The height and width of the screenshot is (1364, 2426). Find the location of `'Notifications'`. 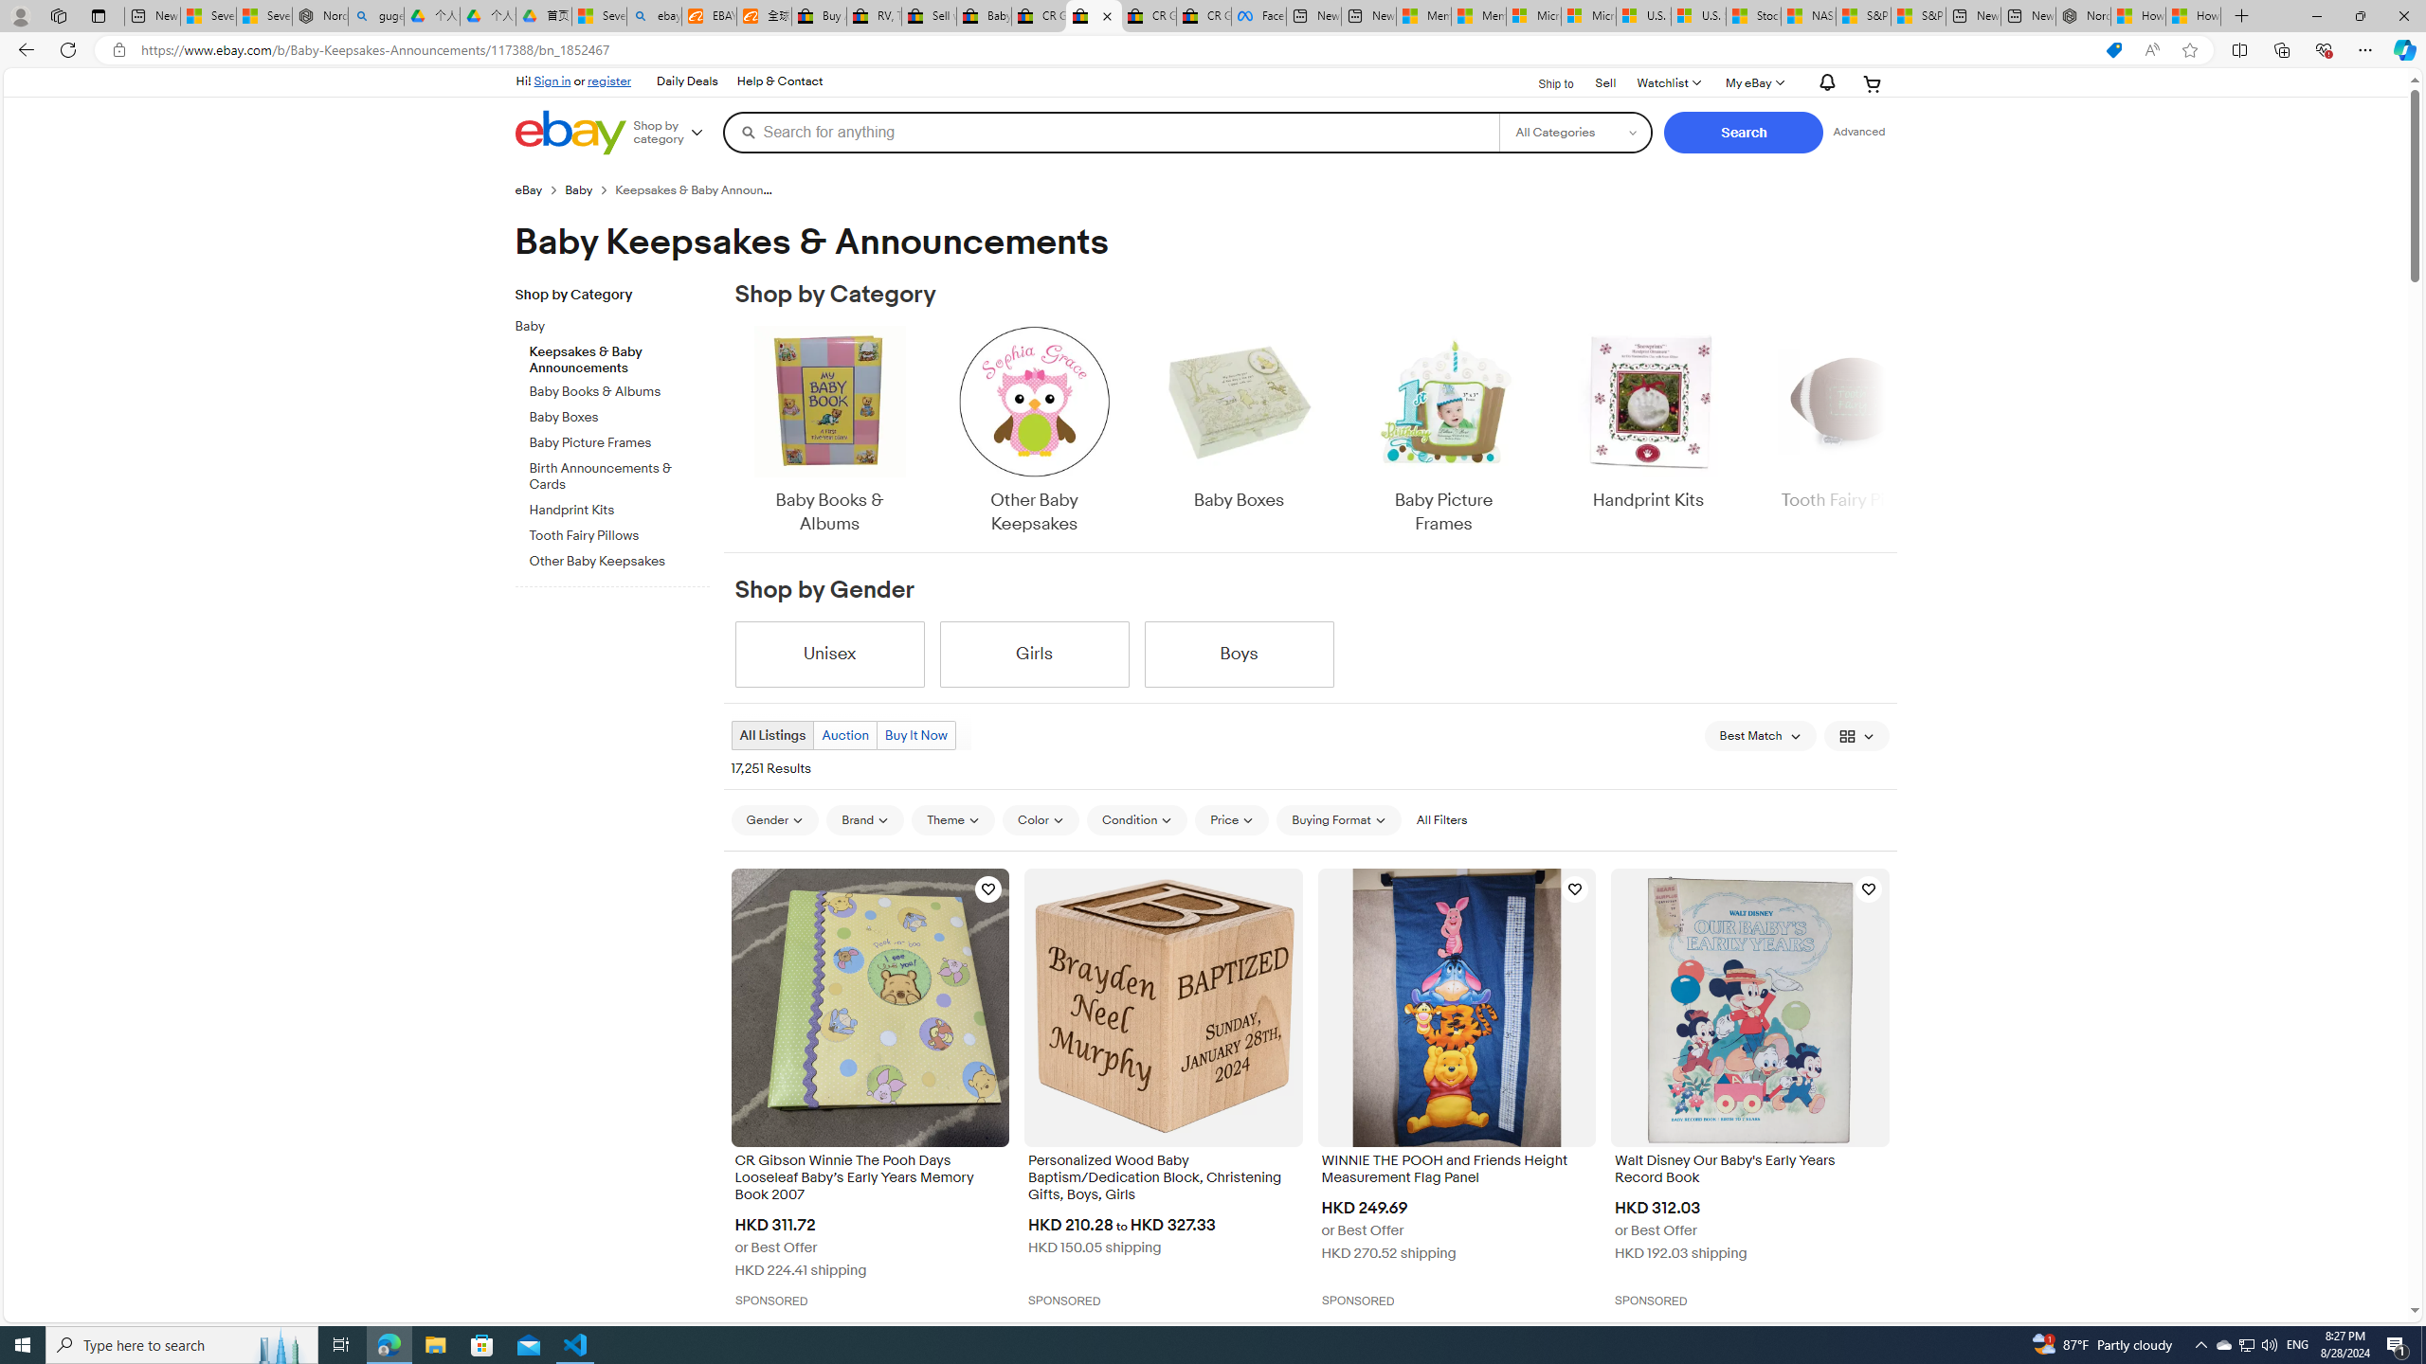

'Notifications' is located at coordinates (1822, 83).